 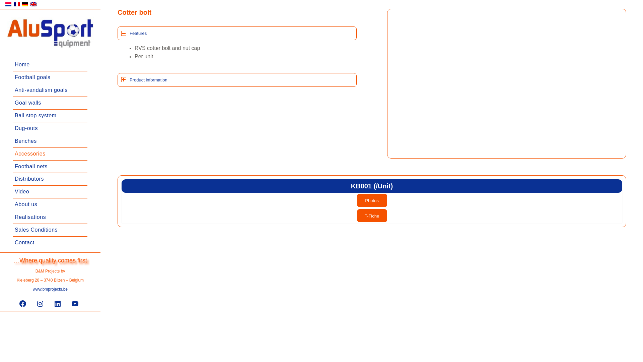 What do you see at coordinates (50, 77) in the screenshot?
I see `'Football goals'` at bounding box center [50, 77].